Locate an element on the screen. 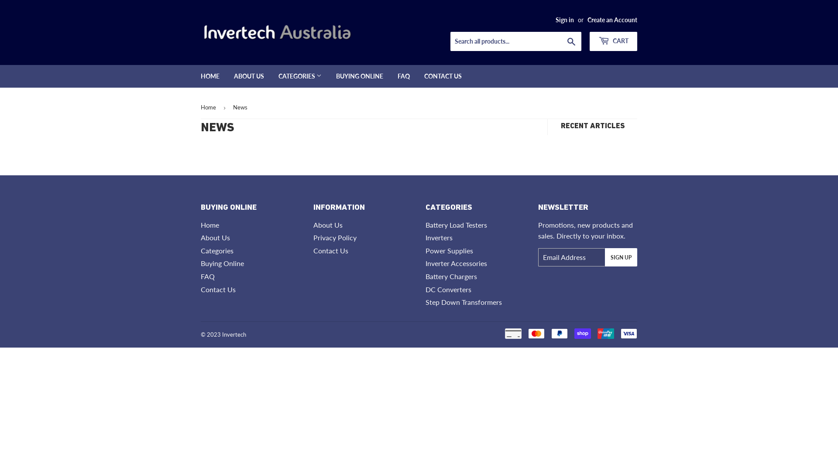  'Categories' is located at coordinates (217, 250).